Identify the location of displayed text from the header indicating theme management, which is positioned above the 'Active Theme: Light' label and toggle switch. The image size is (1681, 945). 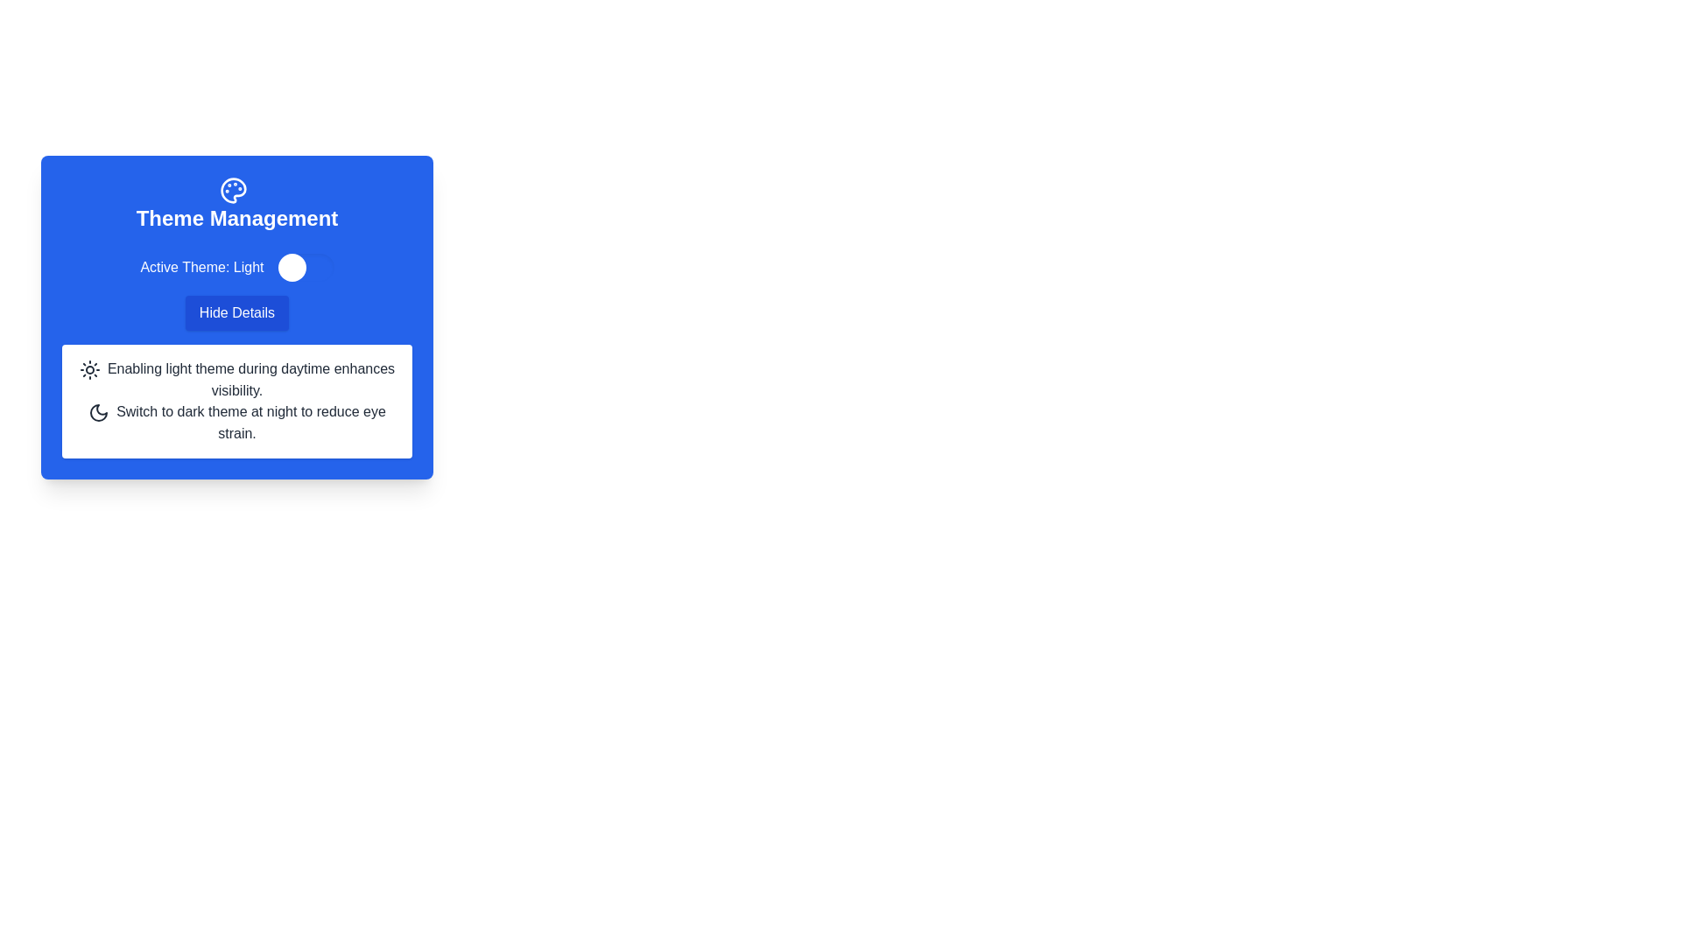
(236, 204).